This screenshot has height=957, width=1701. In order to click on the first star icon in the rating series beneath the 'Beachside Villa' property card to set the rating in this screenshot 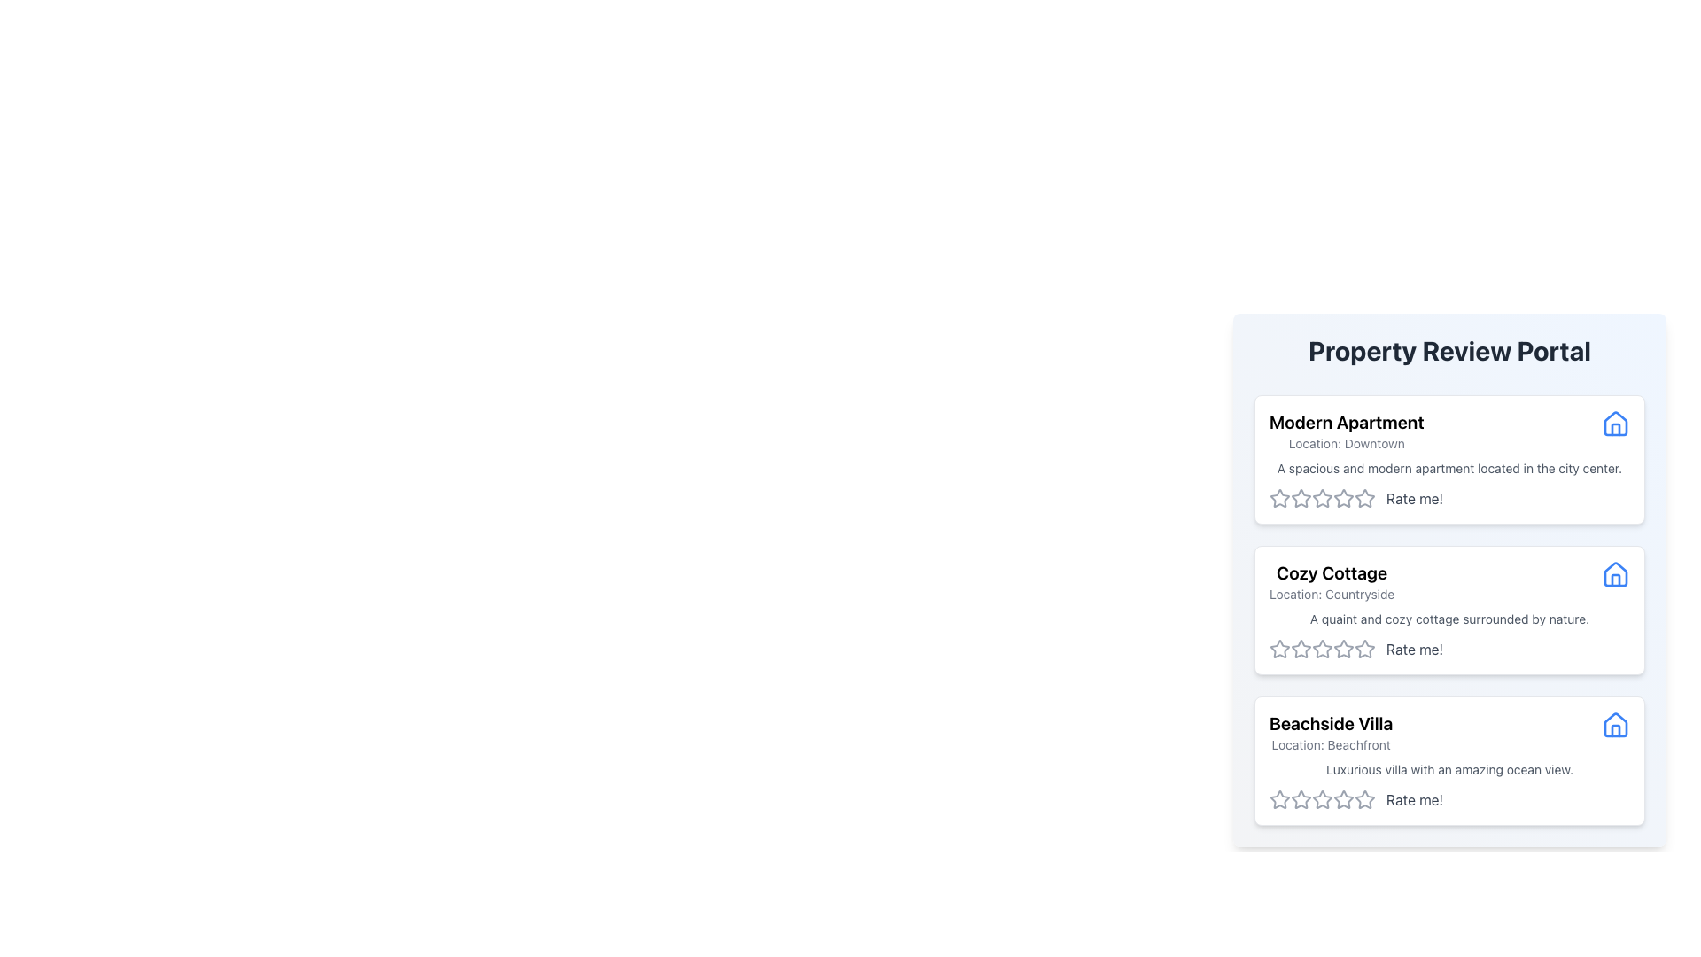, I will do `click(1322, 799)`.